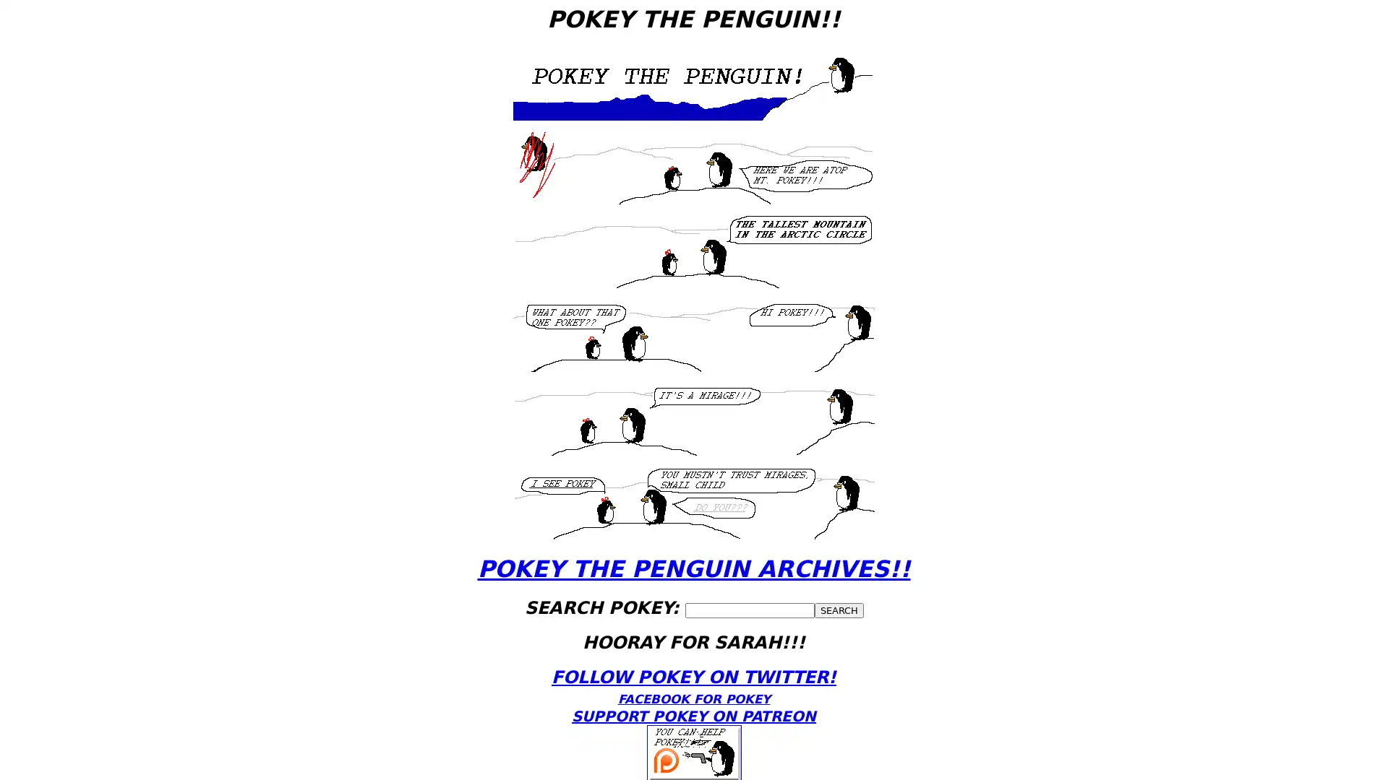  I want to click on SEARCH, so click(839, 610).